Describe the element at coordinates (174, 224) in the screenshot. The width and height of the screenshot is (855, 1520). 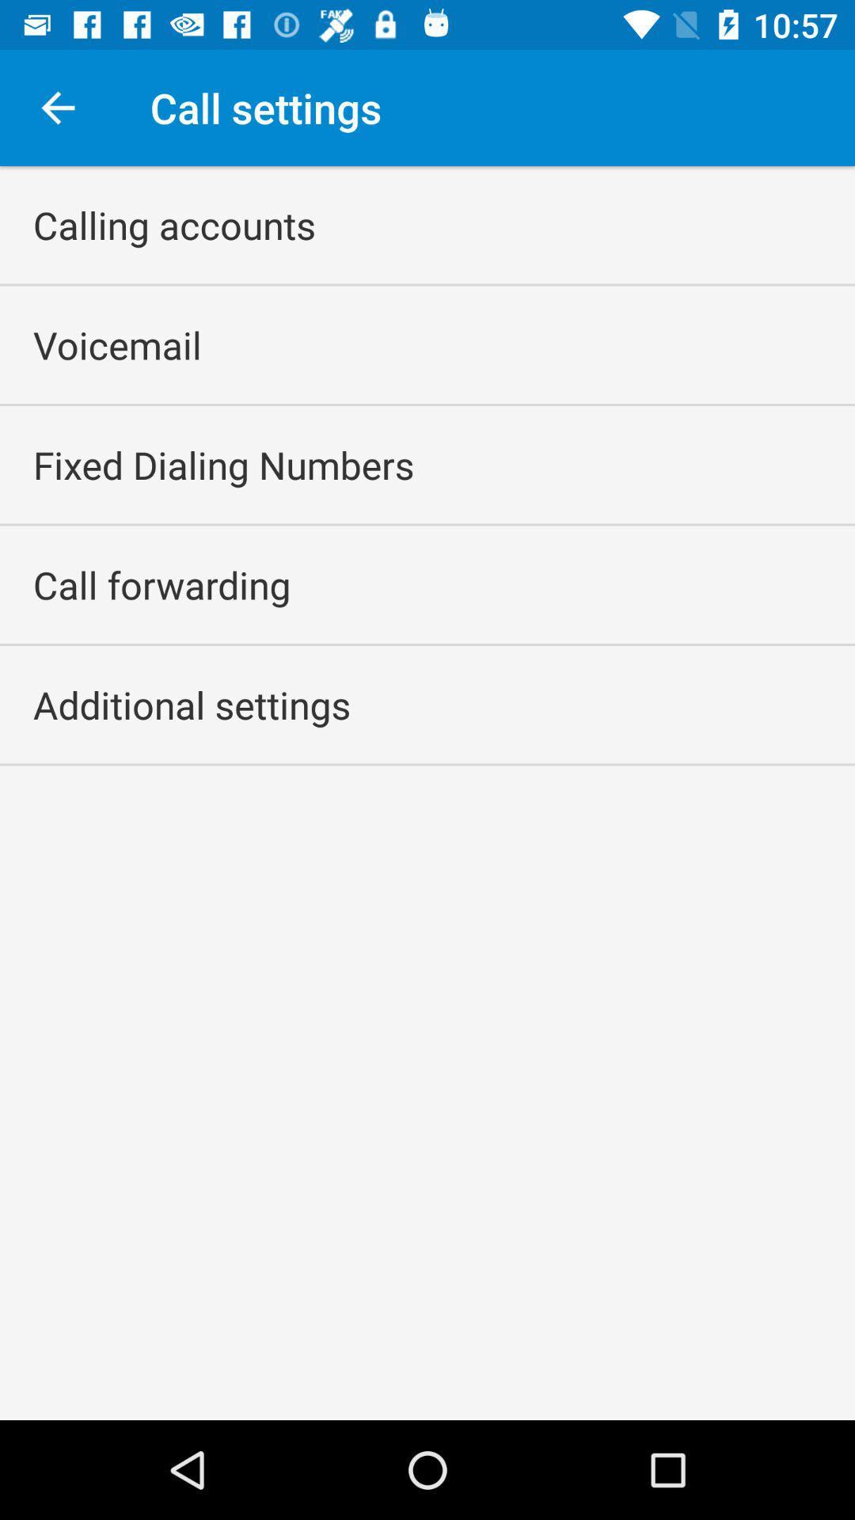
I see `the calling accounts` at that location.